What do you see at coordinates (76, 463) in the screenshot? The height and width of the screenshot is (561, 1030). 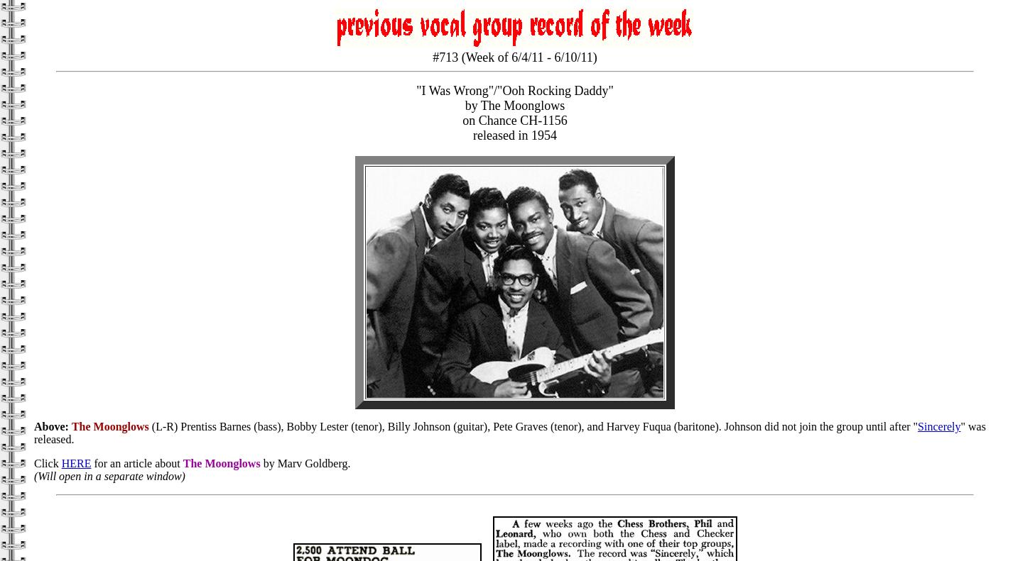 I see `'HERE'` at bounding box center [76, 463].